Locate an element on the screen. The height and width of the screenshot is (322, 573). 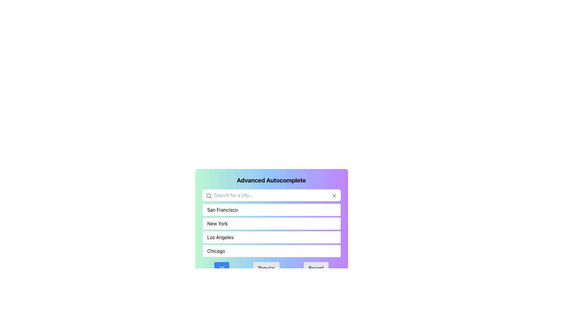
the search icon located in the top-left corner of the text input field, which signifies the search functionality for users to input search queries is located at coordinates (209, 196).